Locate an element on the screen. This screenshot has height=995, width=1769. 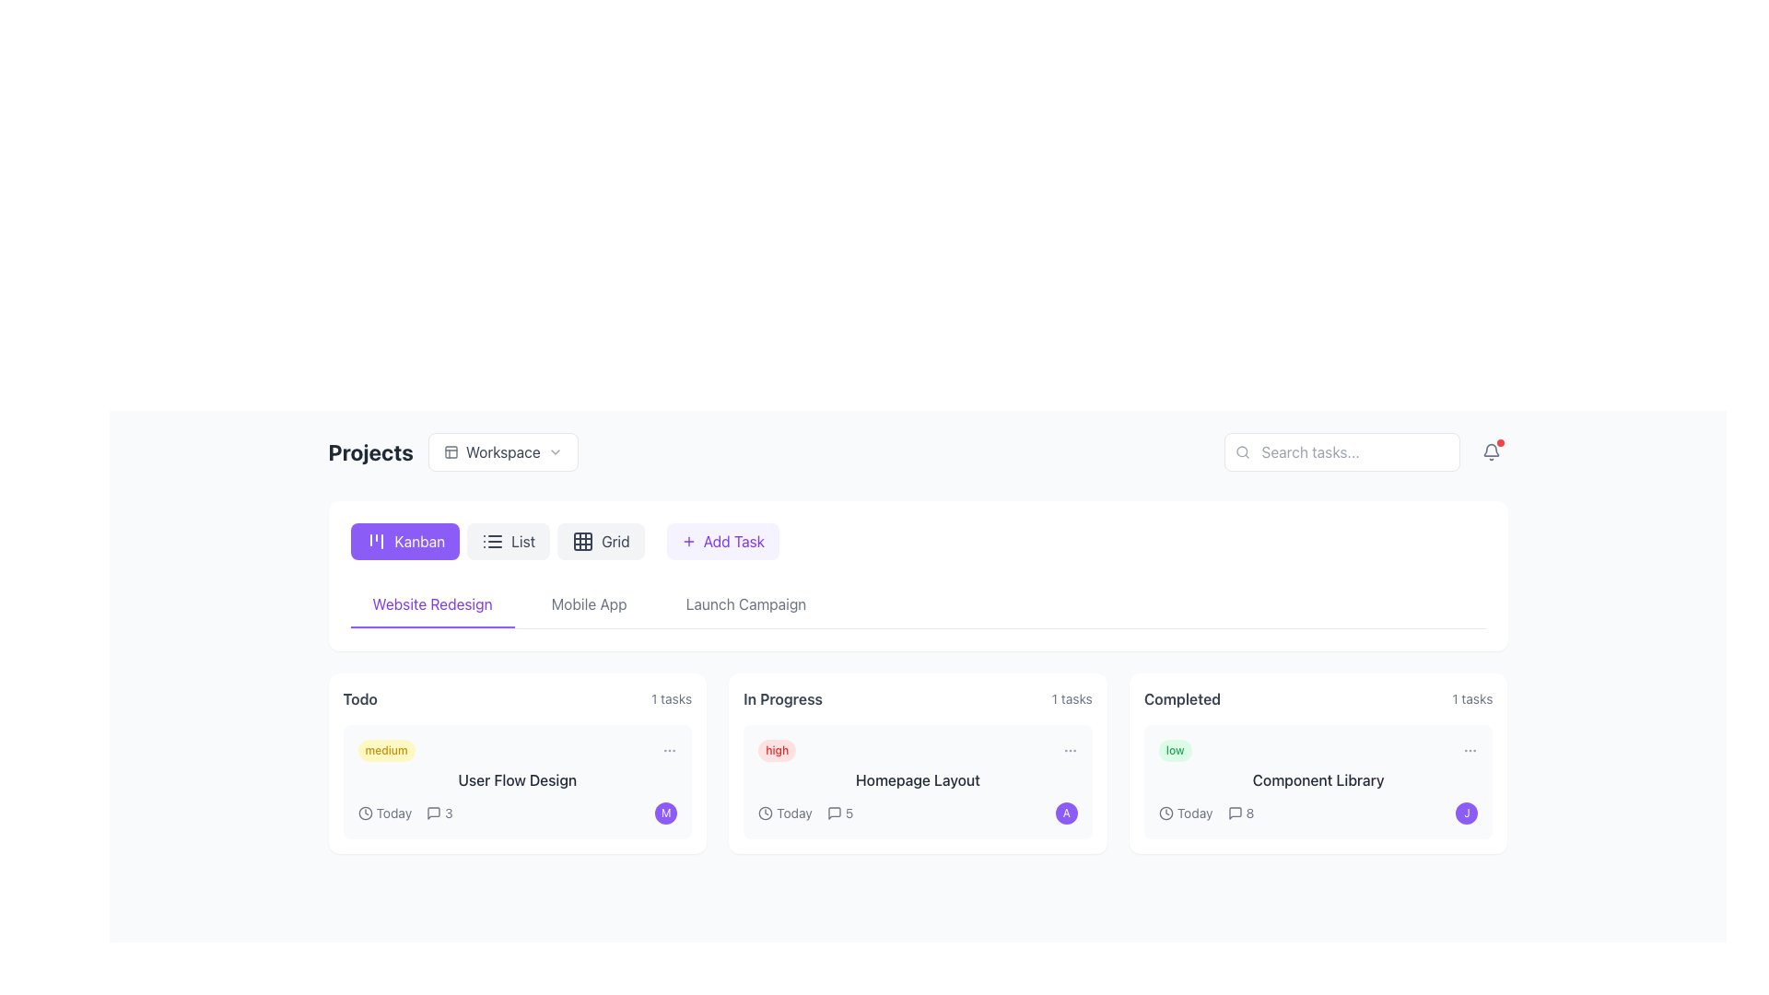
the 'Website Redesign' navigation link, which is styled with bold purple text and an underline, indicating it is the currently selected item in the navigation bar is located at coordinates (431, 604).